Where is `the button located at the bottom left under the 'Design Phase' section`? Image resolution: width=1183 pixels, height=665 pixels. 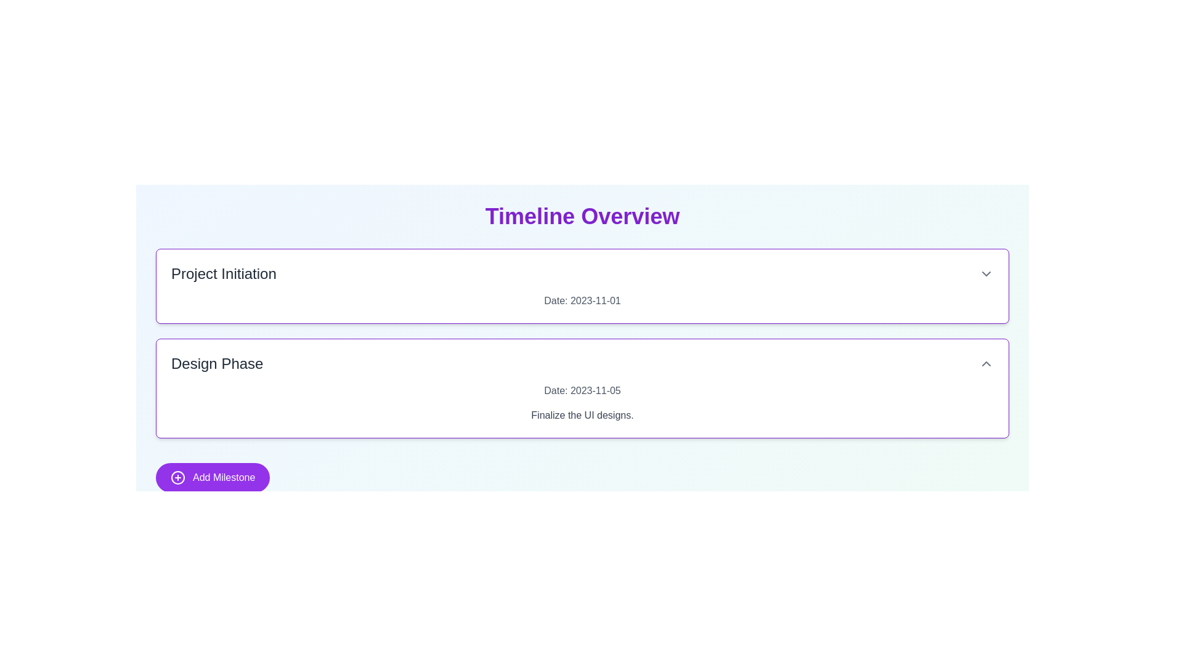 the button located at the bottom left under the 'Design Phase' section is located at coordinates (213, 477).